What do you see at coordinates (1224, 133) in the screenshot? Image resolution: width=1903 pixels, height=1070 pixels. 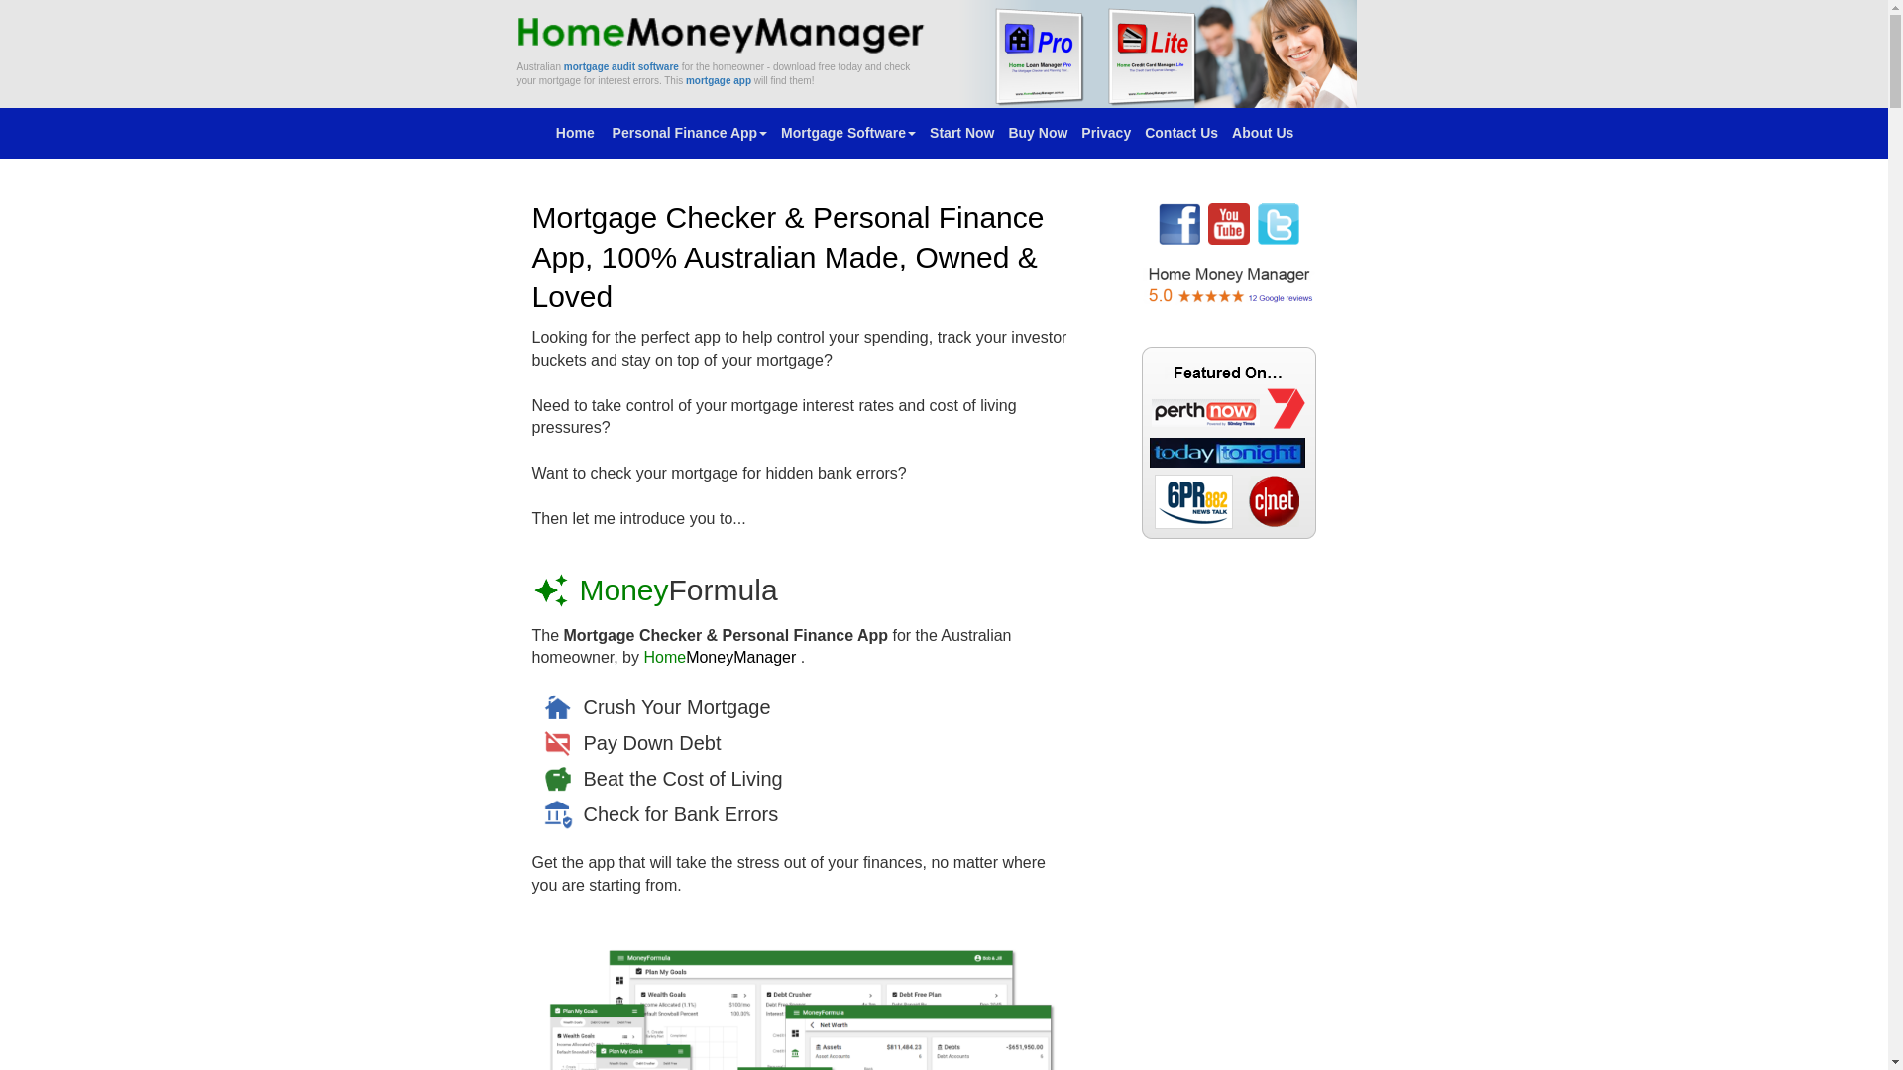 I see `'About Us'` at bounding box center [1224, 133].